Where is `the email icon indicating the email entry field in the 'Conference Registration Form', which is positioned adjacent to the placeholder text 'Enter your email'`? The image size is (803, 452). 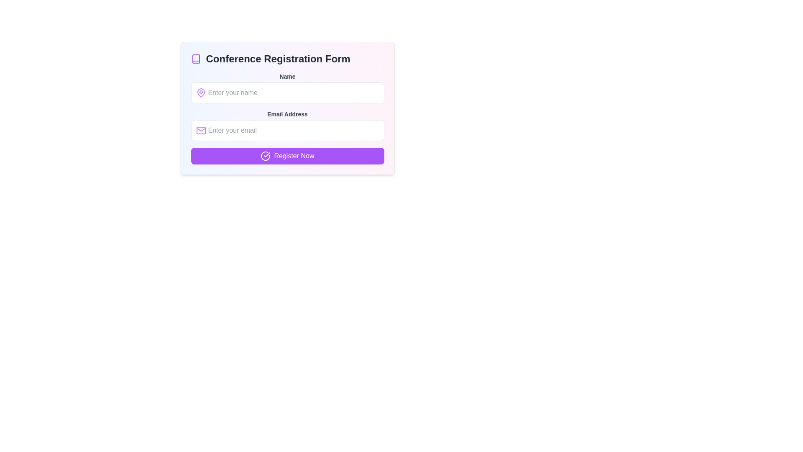 the email icon indicating the email entry field in the 'Conference Registration Form', which is positioned adjacent to the placeholder text 'Enter your email' is located at coordinates (201, 131).